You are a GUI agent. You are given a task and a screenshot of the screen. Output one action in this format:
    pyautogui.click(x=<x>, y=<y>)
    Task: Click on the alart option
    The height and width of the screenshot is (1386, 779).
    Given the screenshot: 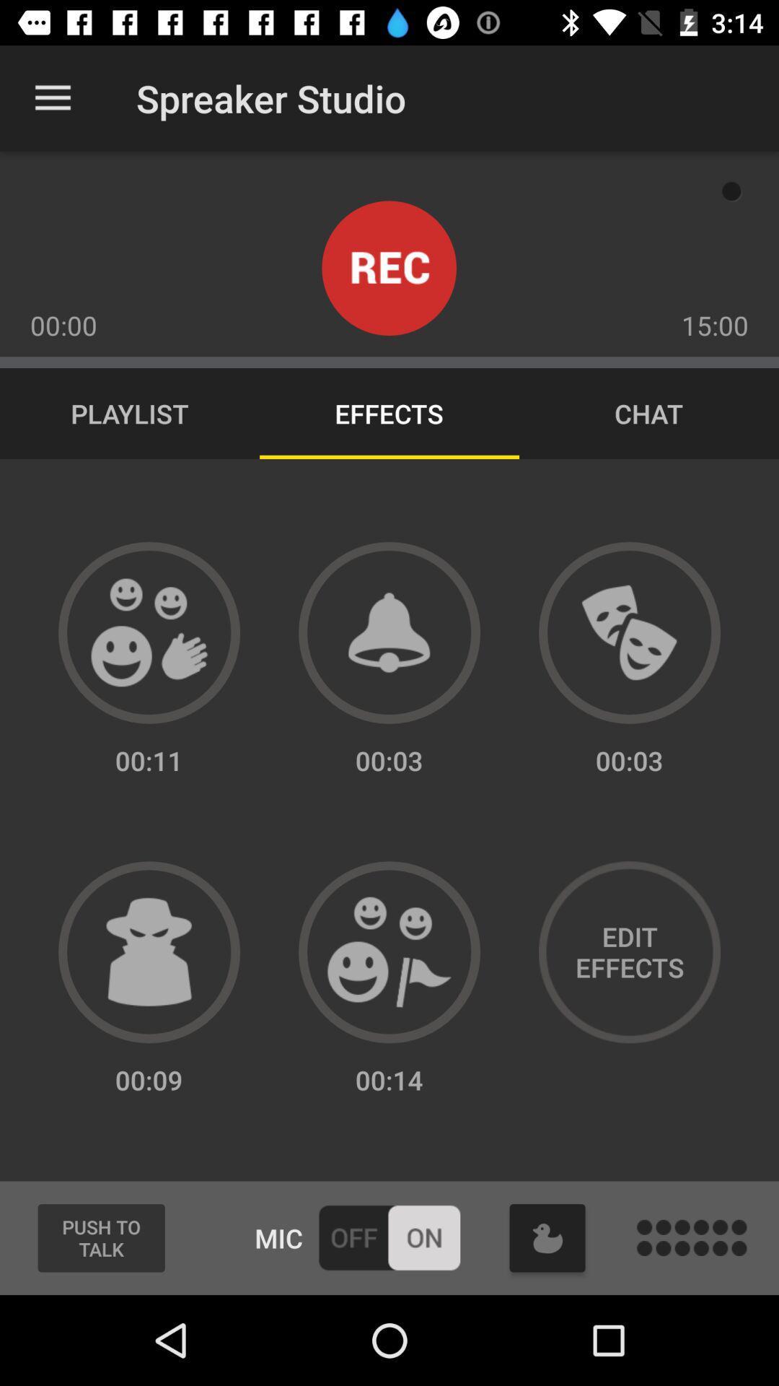 What is the action you would take?
    pyautogui.click(x=389, y=632)
    